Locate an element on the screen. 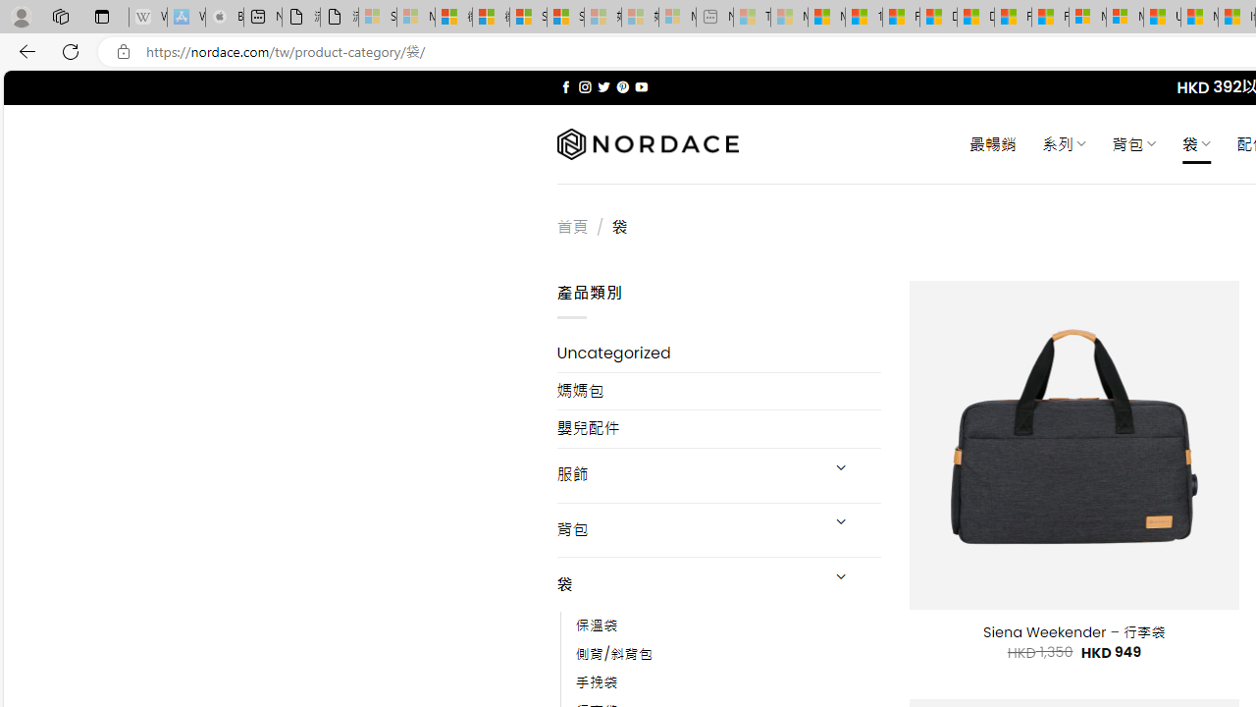  'Follow on Facebook' is located at coordinates (565, 86).